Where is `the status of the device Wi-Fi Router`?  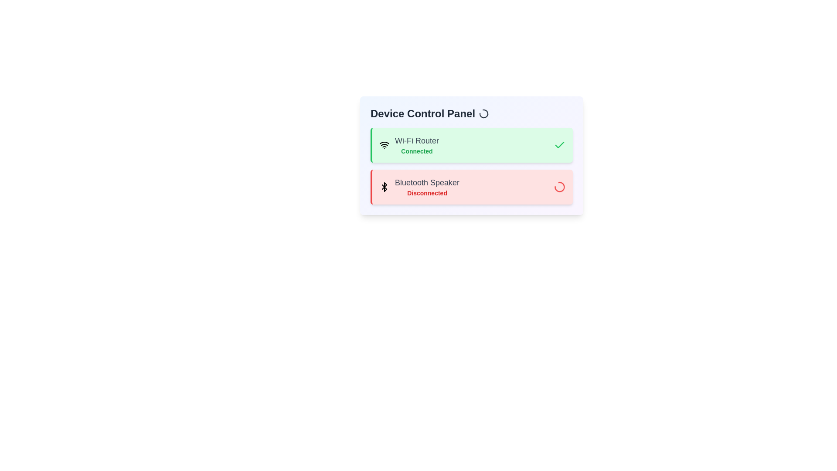 the status of the device Wi-Fi Router is located at coordinates (471, 144).